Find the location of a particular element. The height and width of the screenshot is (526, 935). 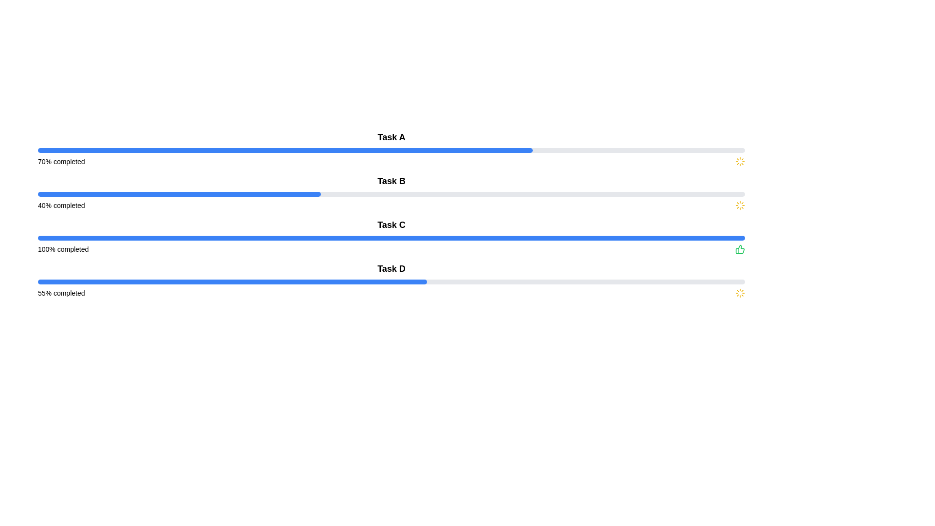

the text label displaying '70% completed', which indicates the progress status for 'Task A' is located at coordinates (61, 161).